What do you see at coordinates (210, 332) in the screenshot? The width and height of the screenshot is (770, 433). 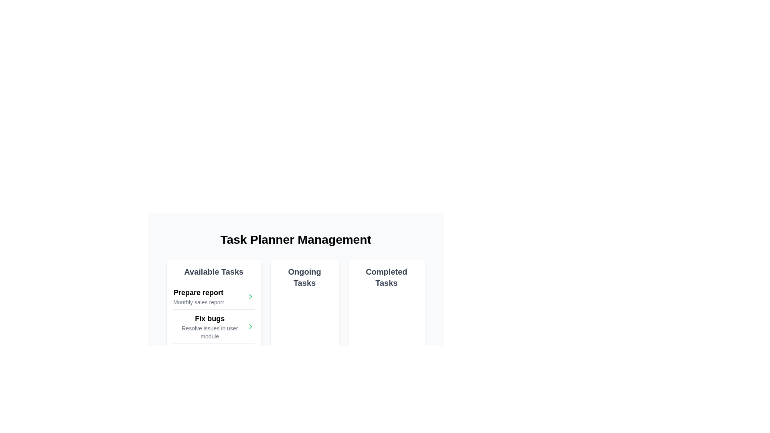 I see `text label displaying 'Resolve issues in user module' located below the title 'Fix bugs' in the 'Available Tasks' column` at bounding box center [210, 332].